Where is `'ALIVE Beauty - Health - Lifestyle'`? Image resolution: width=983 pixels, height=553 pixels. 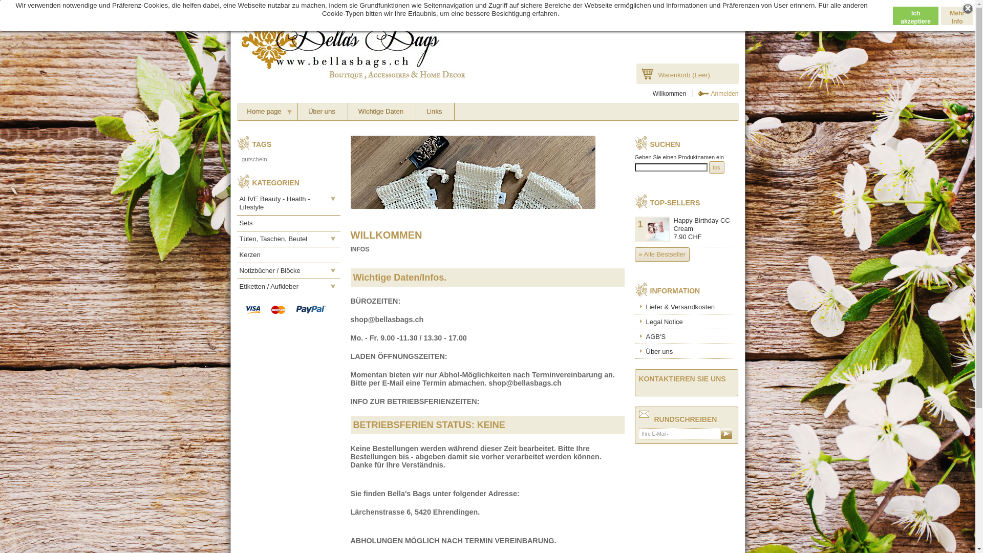 'ALIVE Beauty - Health - Lifestyle' is located at coordinates (236, 203).